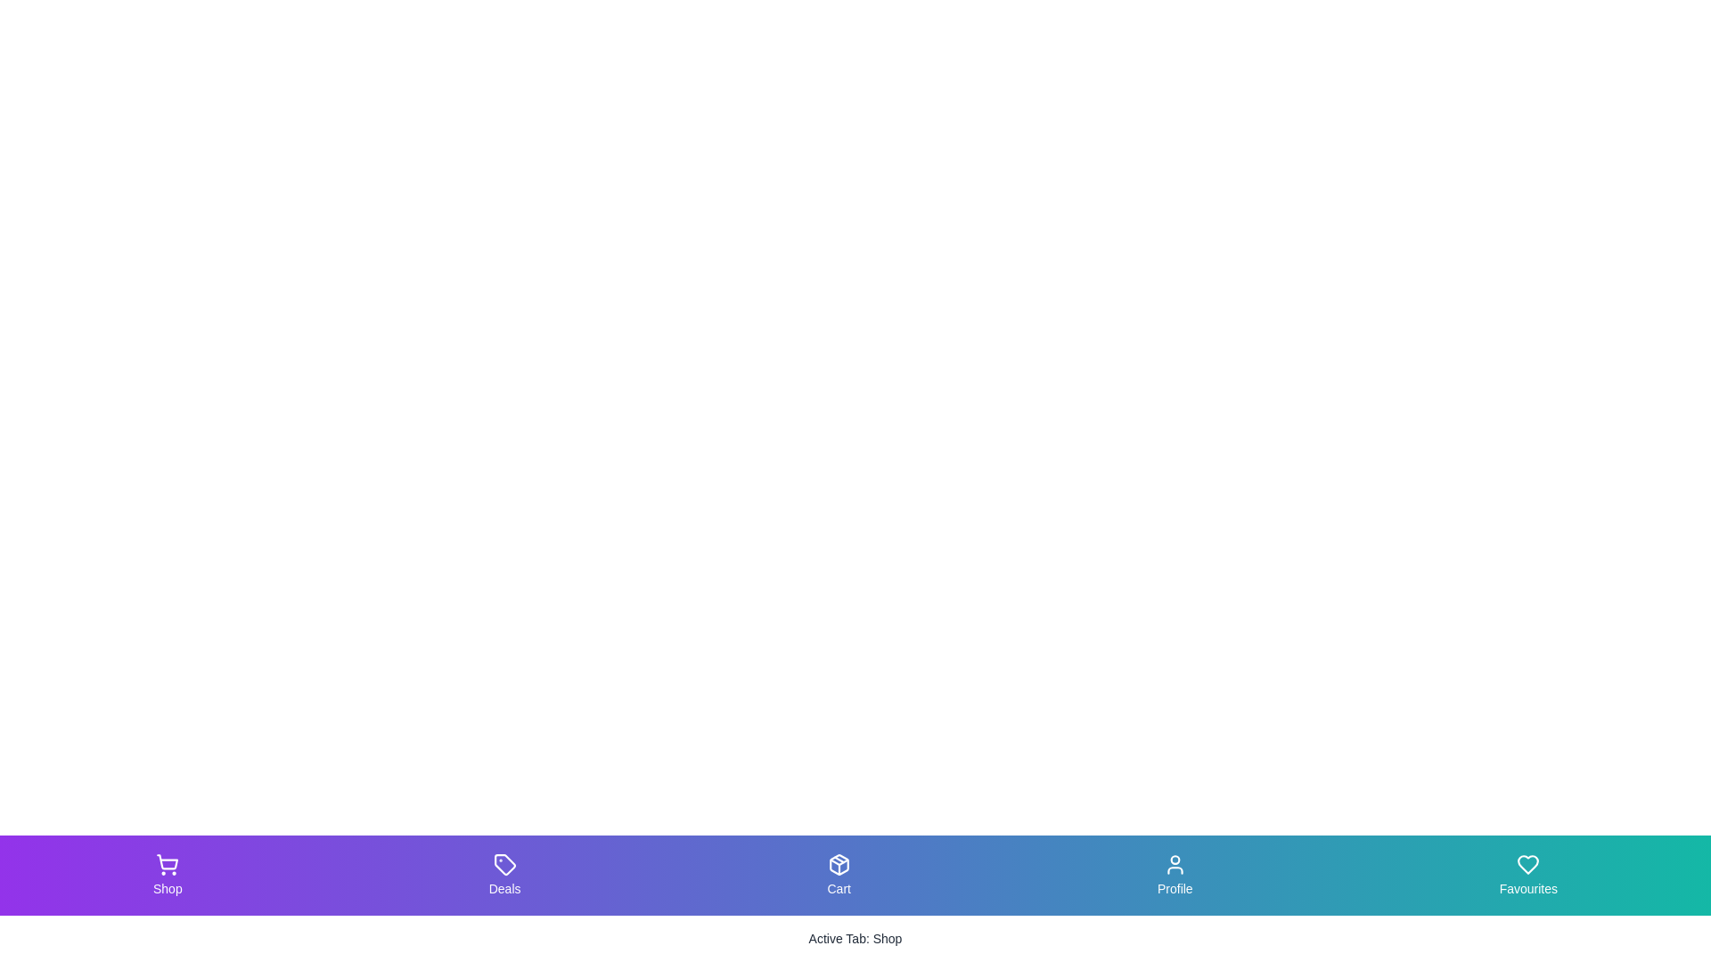  I want to click on the Shop tab in the bottom navigation bar to navigate to its respective section, so click(167, 875).